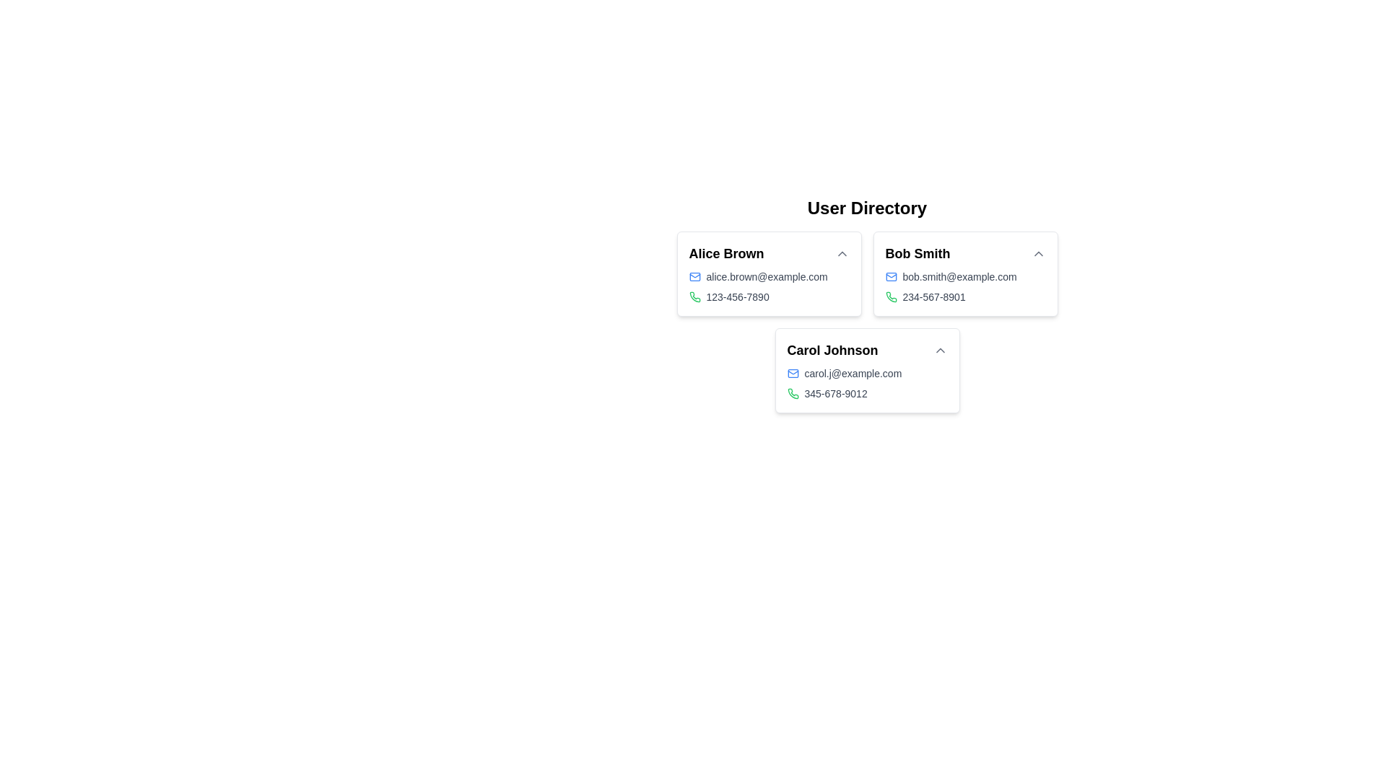 The width and height of the screenshot is (1386, 779). I want to click on the email address display for 'Alice Brown' located in her contact details section, so click(768, 277).